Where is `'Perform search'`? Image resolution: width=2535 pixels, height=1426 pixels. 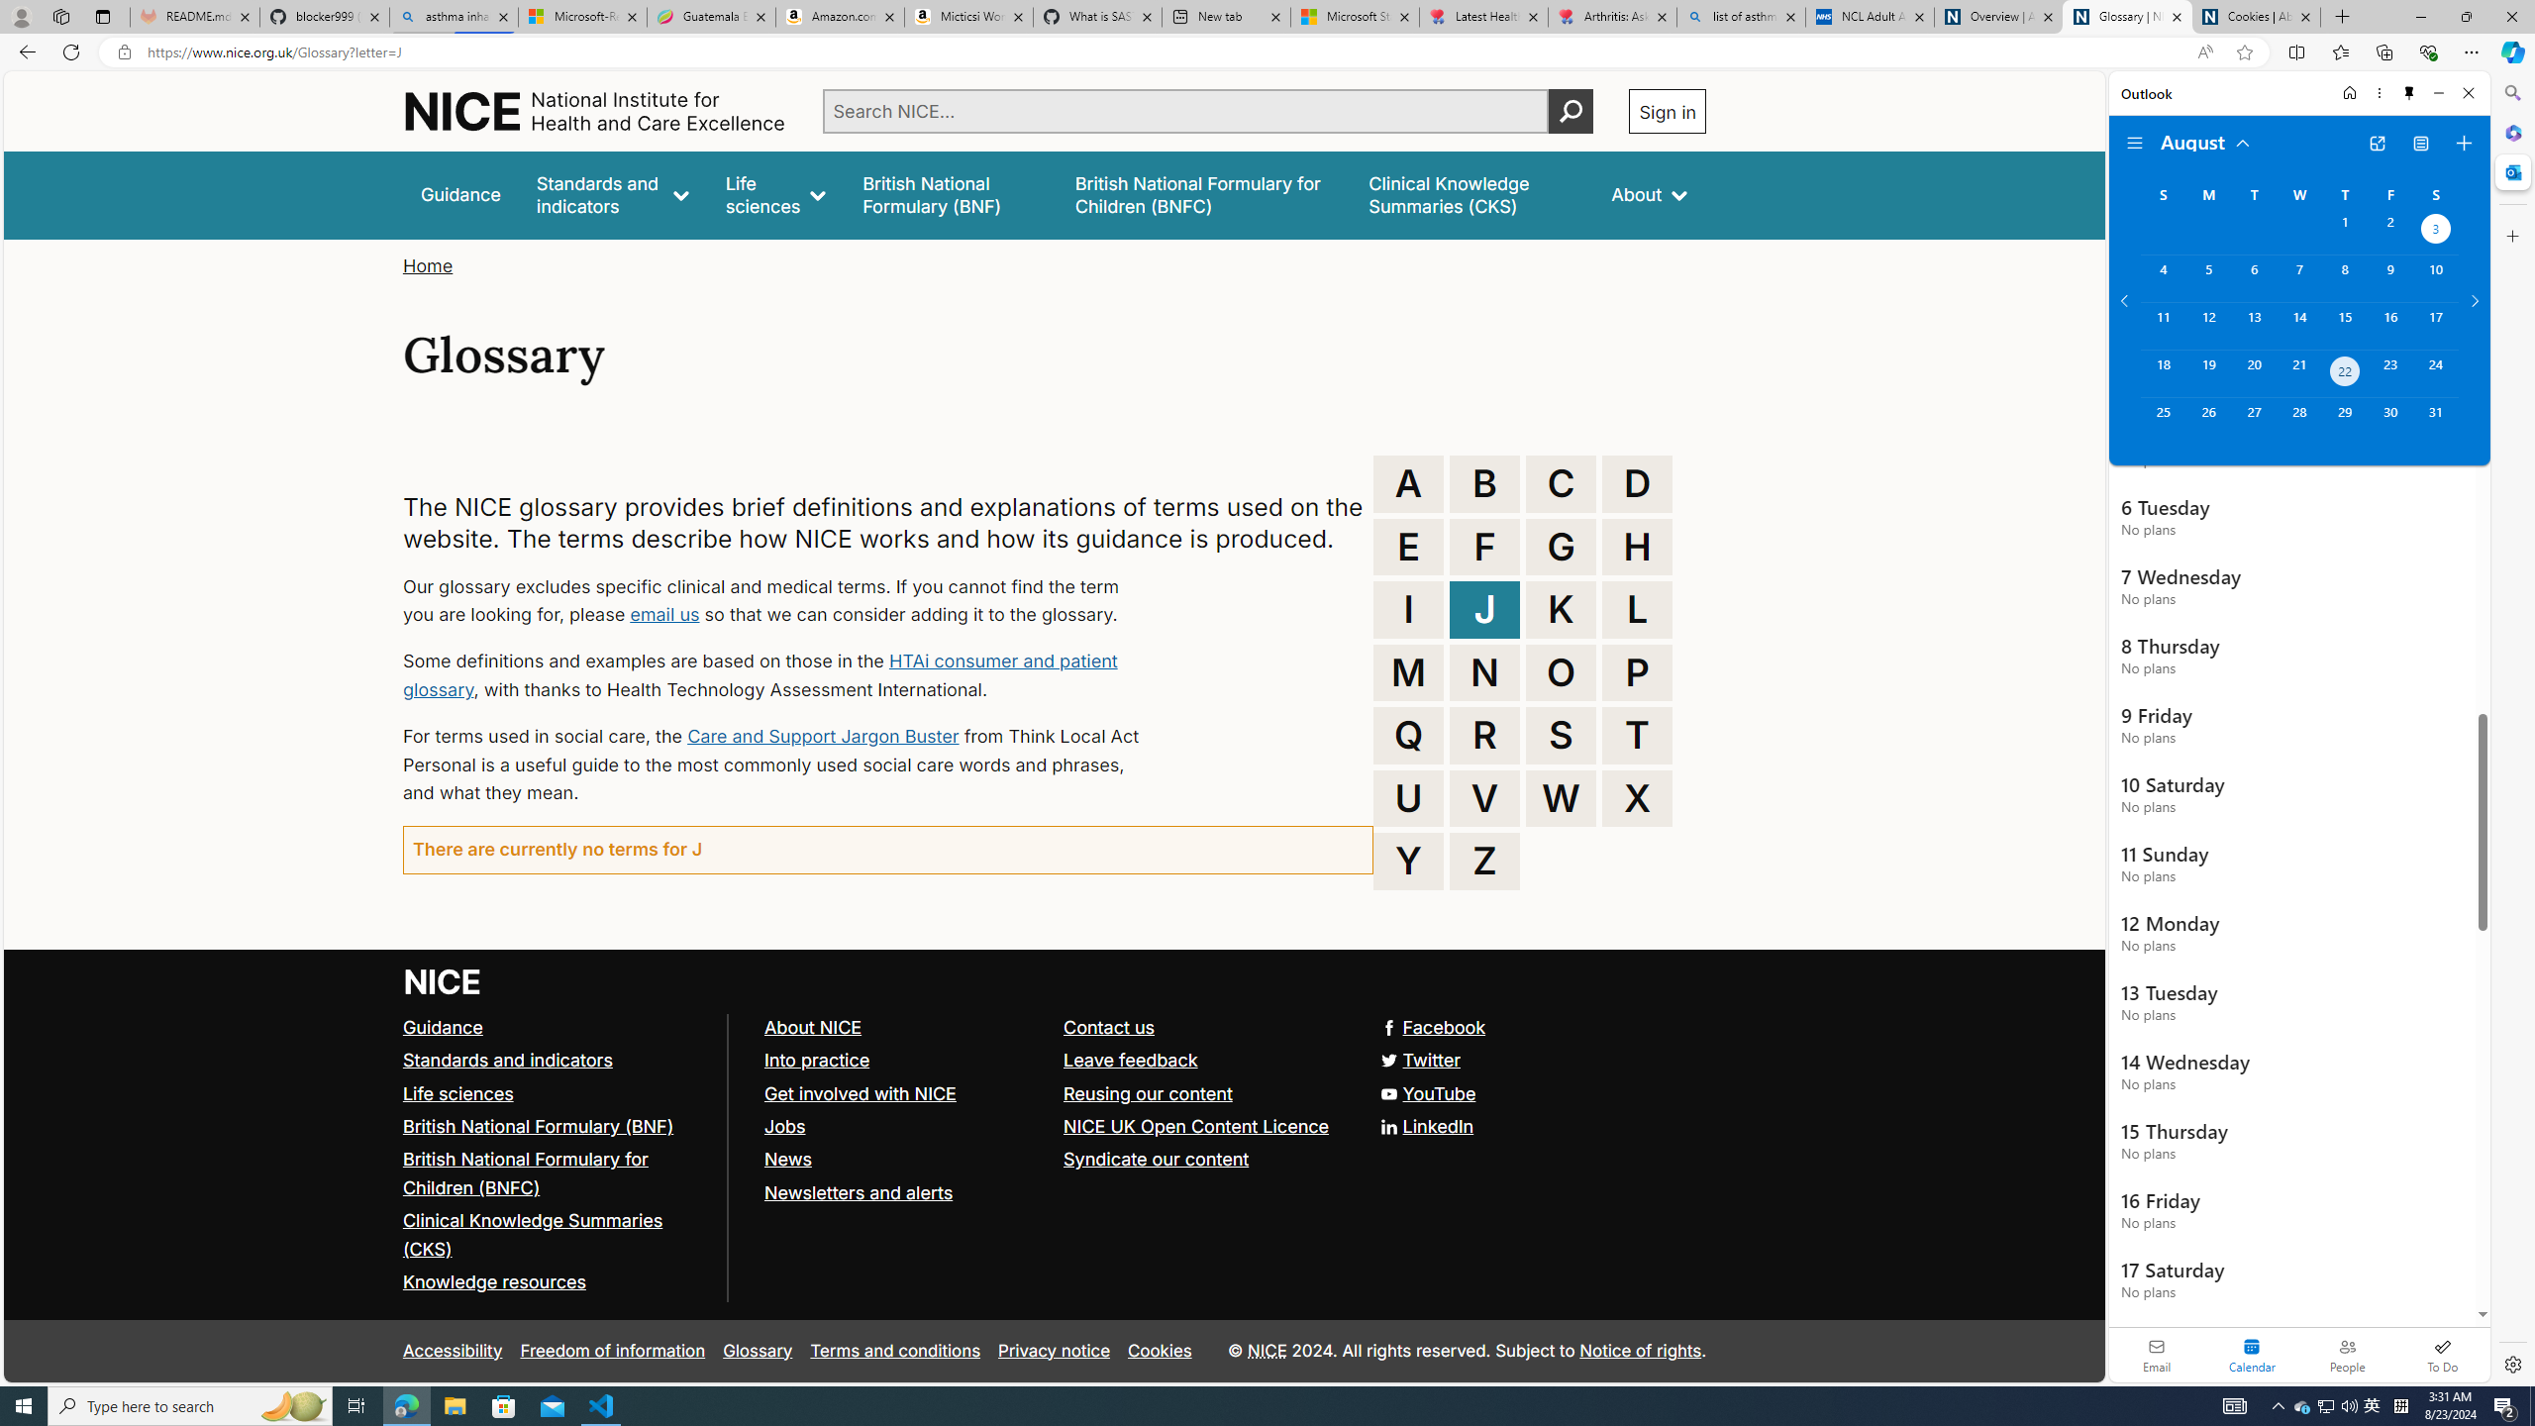
'Perform search' is located at coordinates (1571, 110).